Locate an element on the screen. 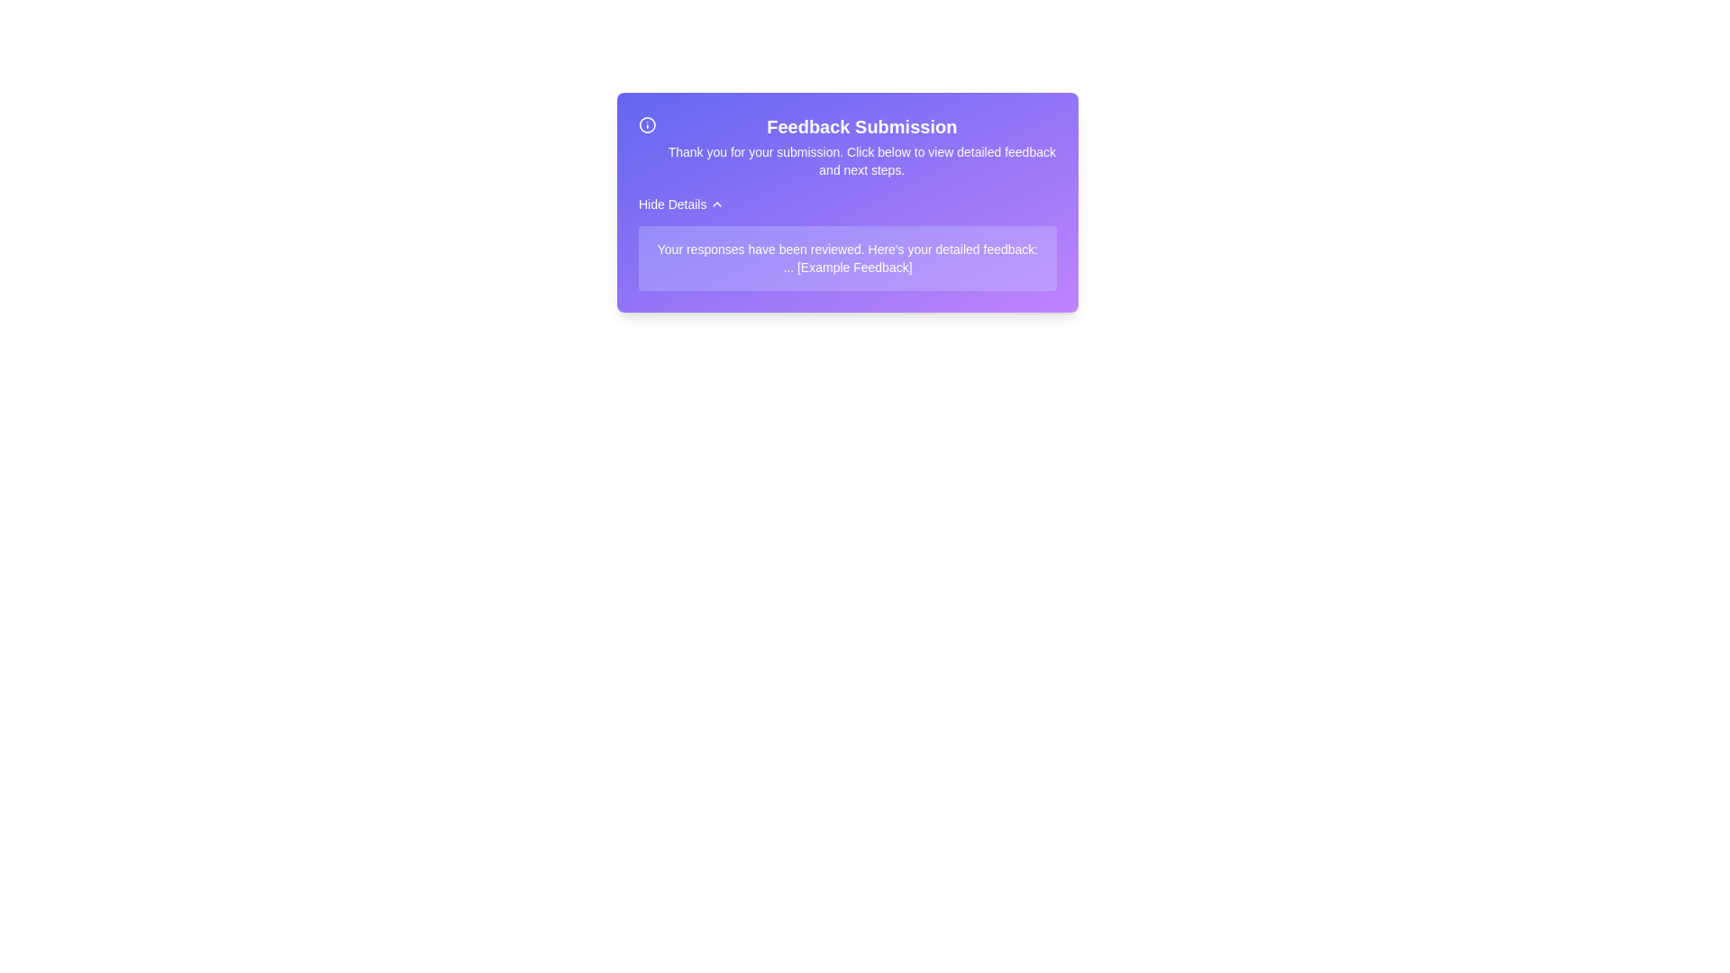 This screenshot has width=1730, height=973. the 'Hide Details' button to toggle the visibility of the detailed feedback is located at coordinates (679, 204).